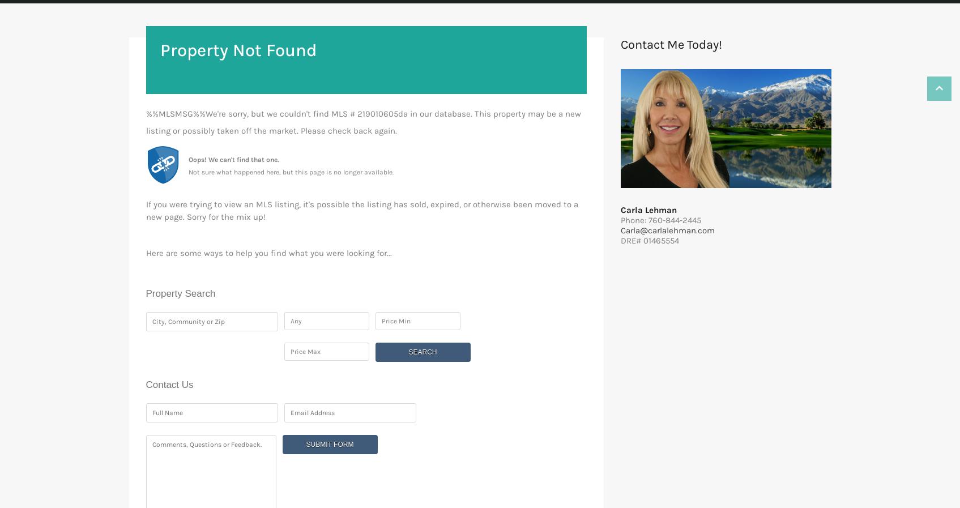 The image size is (960, 508). What do you see at coordinates (290, 171) in the screenshot?
I see `'Not sure what happened here, but this page is no longer available.'` at bounding box center [290, 171].